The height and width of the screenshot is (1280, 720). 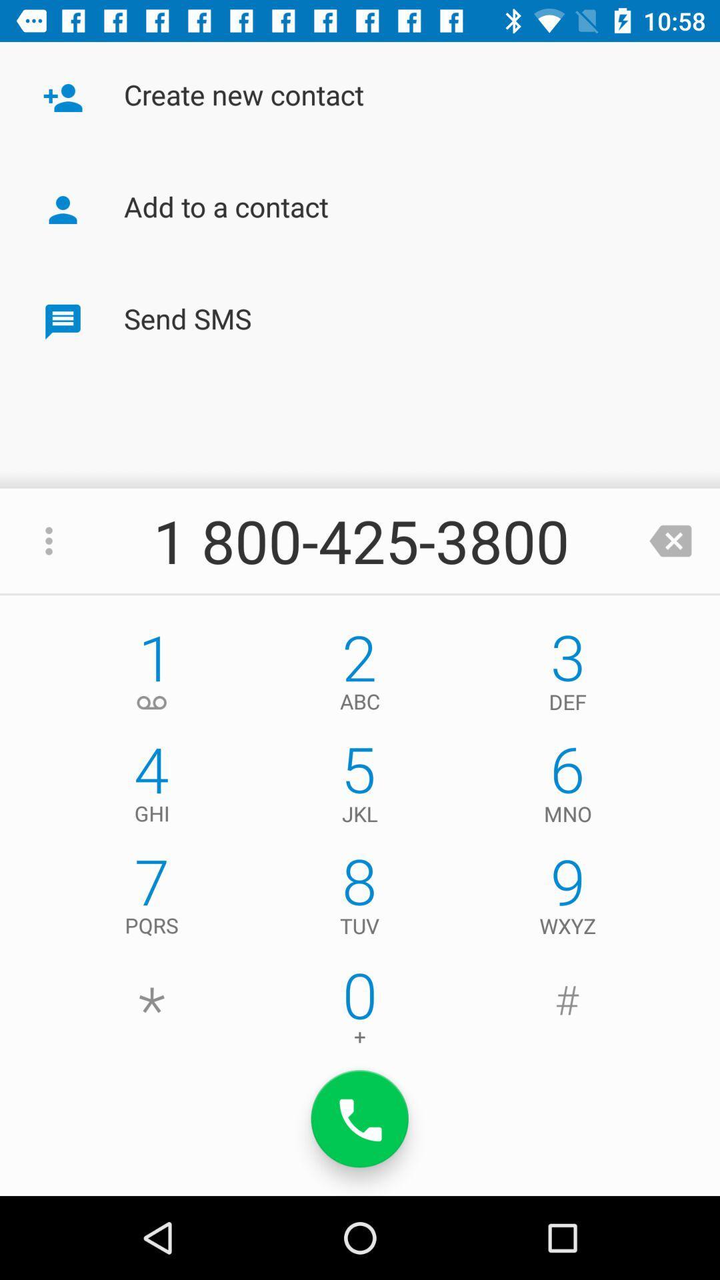 What do you see at coordinates (151, 1011) in the screenshot?
I see `the symbol which is to the immediate left of the 0 in the dial pad` at bounding box center [151, 1011].